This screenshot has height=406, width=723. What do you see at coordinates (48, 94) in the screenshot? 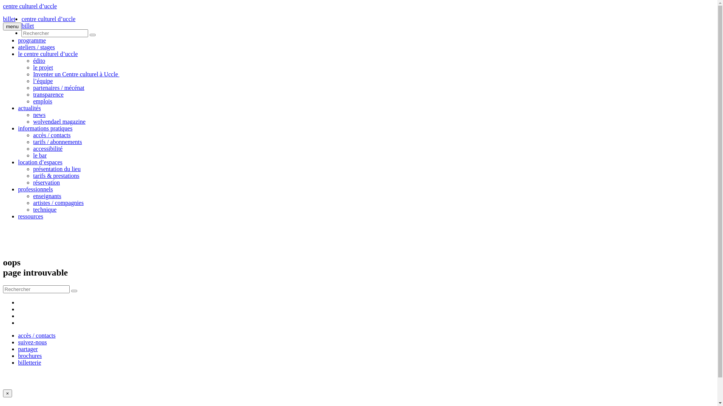
I see `'transparence'` at bounding box center [48, 94].